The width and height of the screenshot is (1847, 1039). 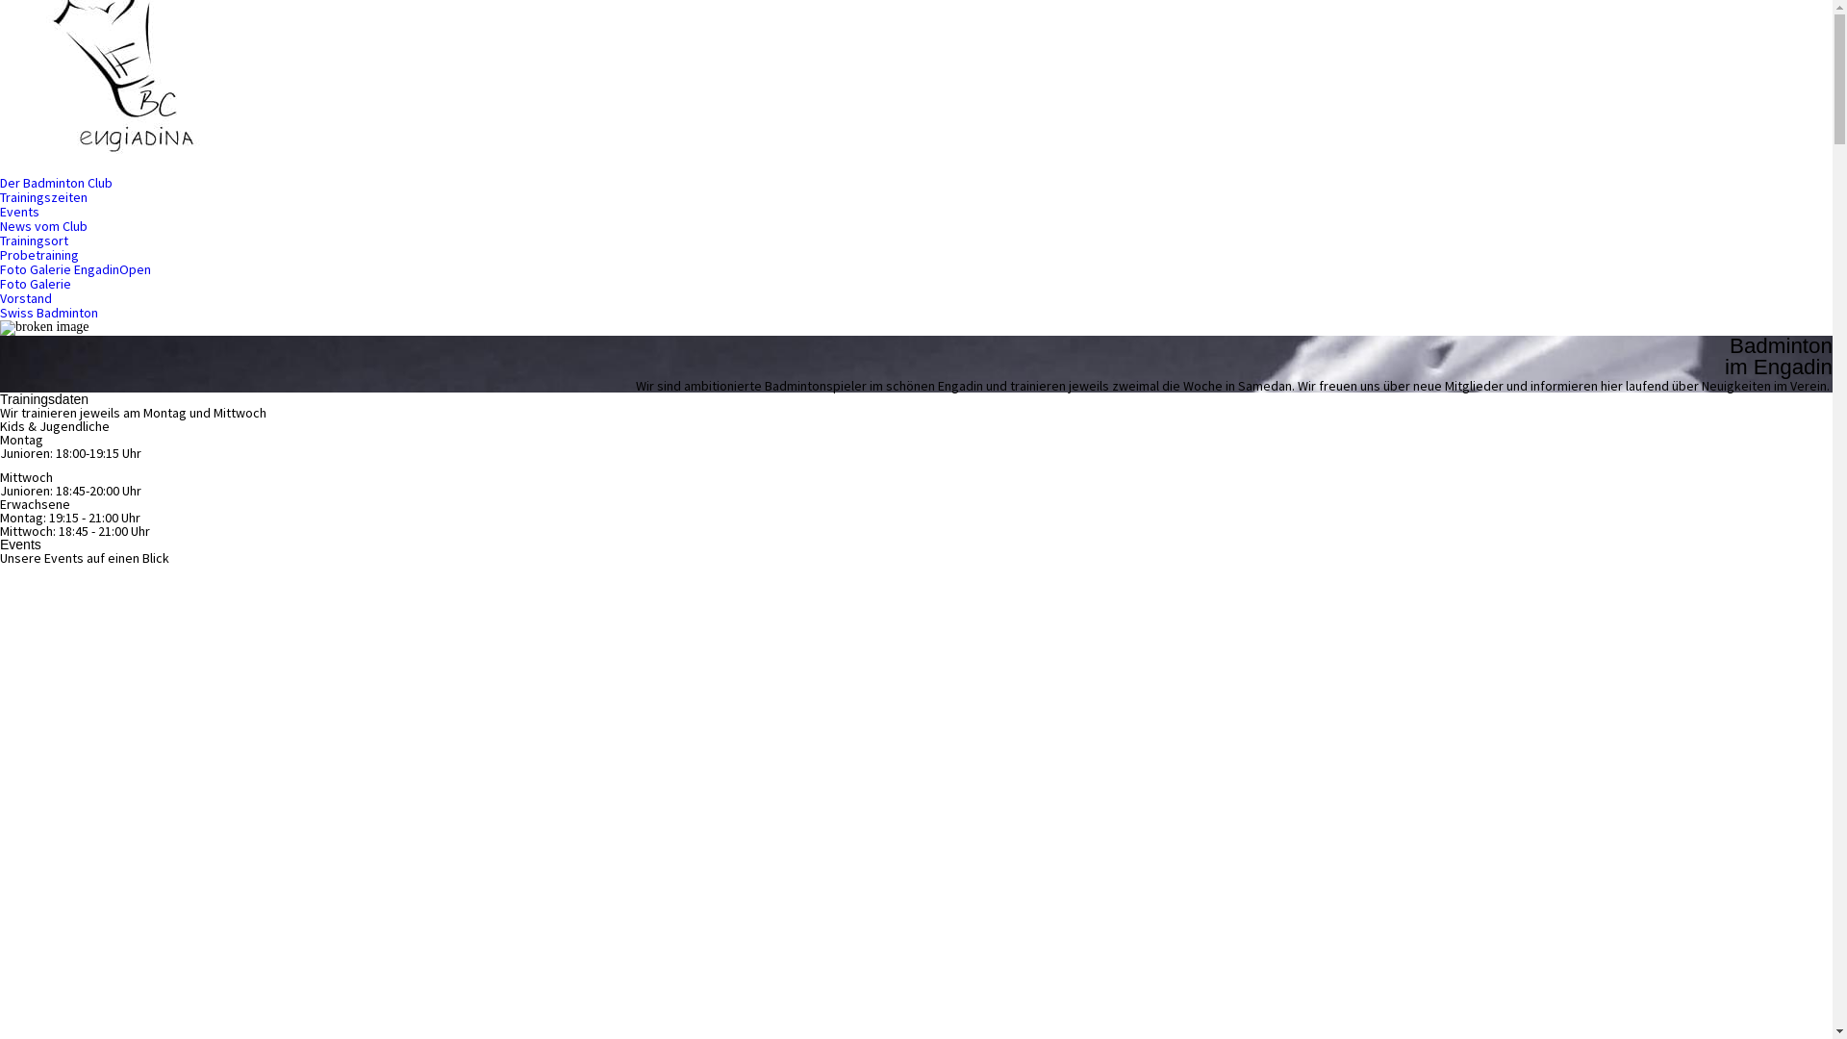 I want to click on 'Trainingszeiten', so click(x=43, y=197).